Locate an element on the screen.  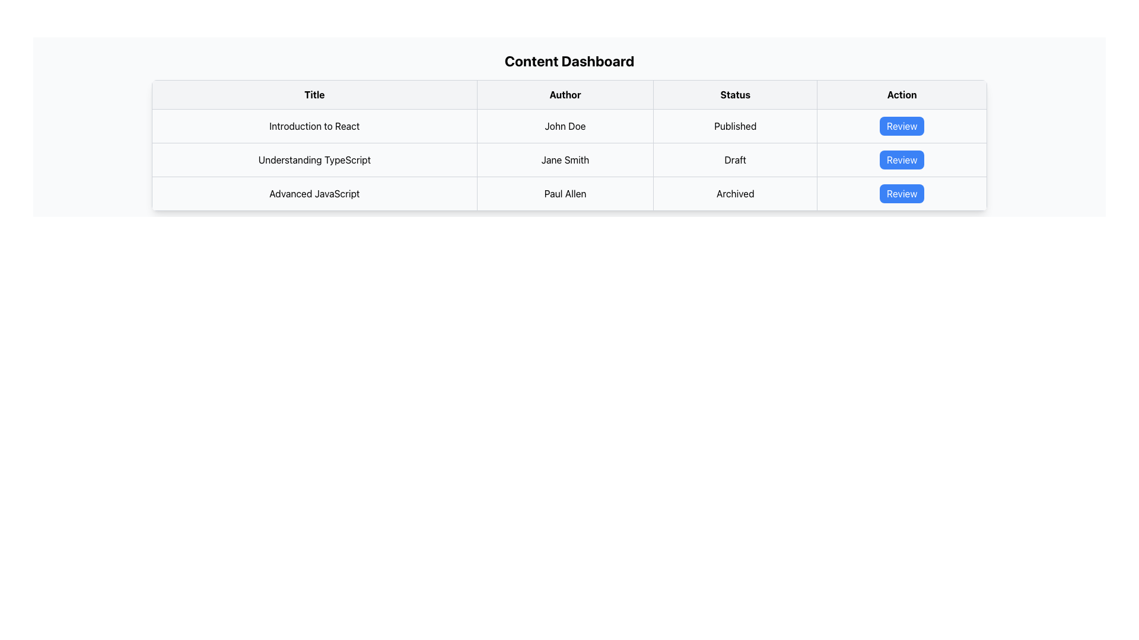
the text label displaying 'Draft' in the 'Status' column for the row associated with 'Understanding TypeScript' and 'Jane Smith' is located at coordinates (734, 160).